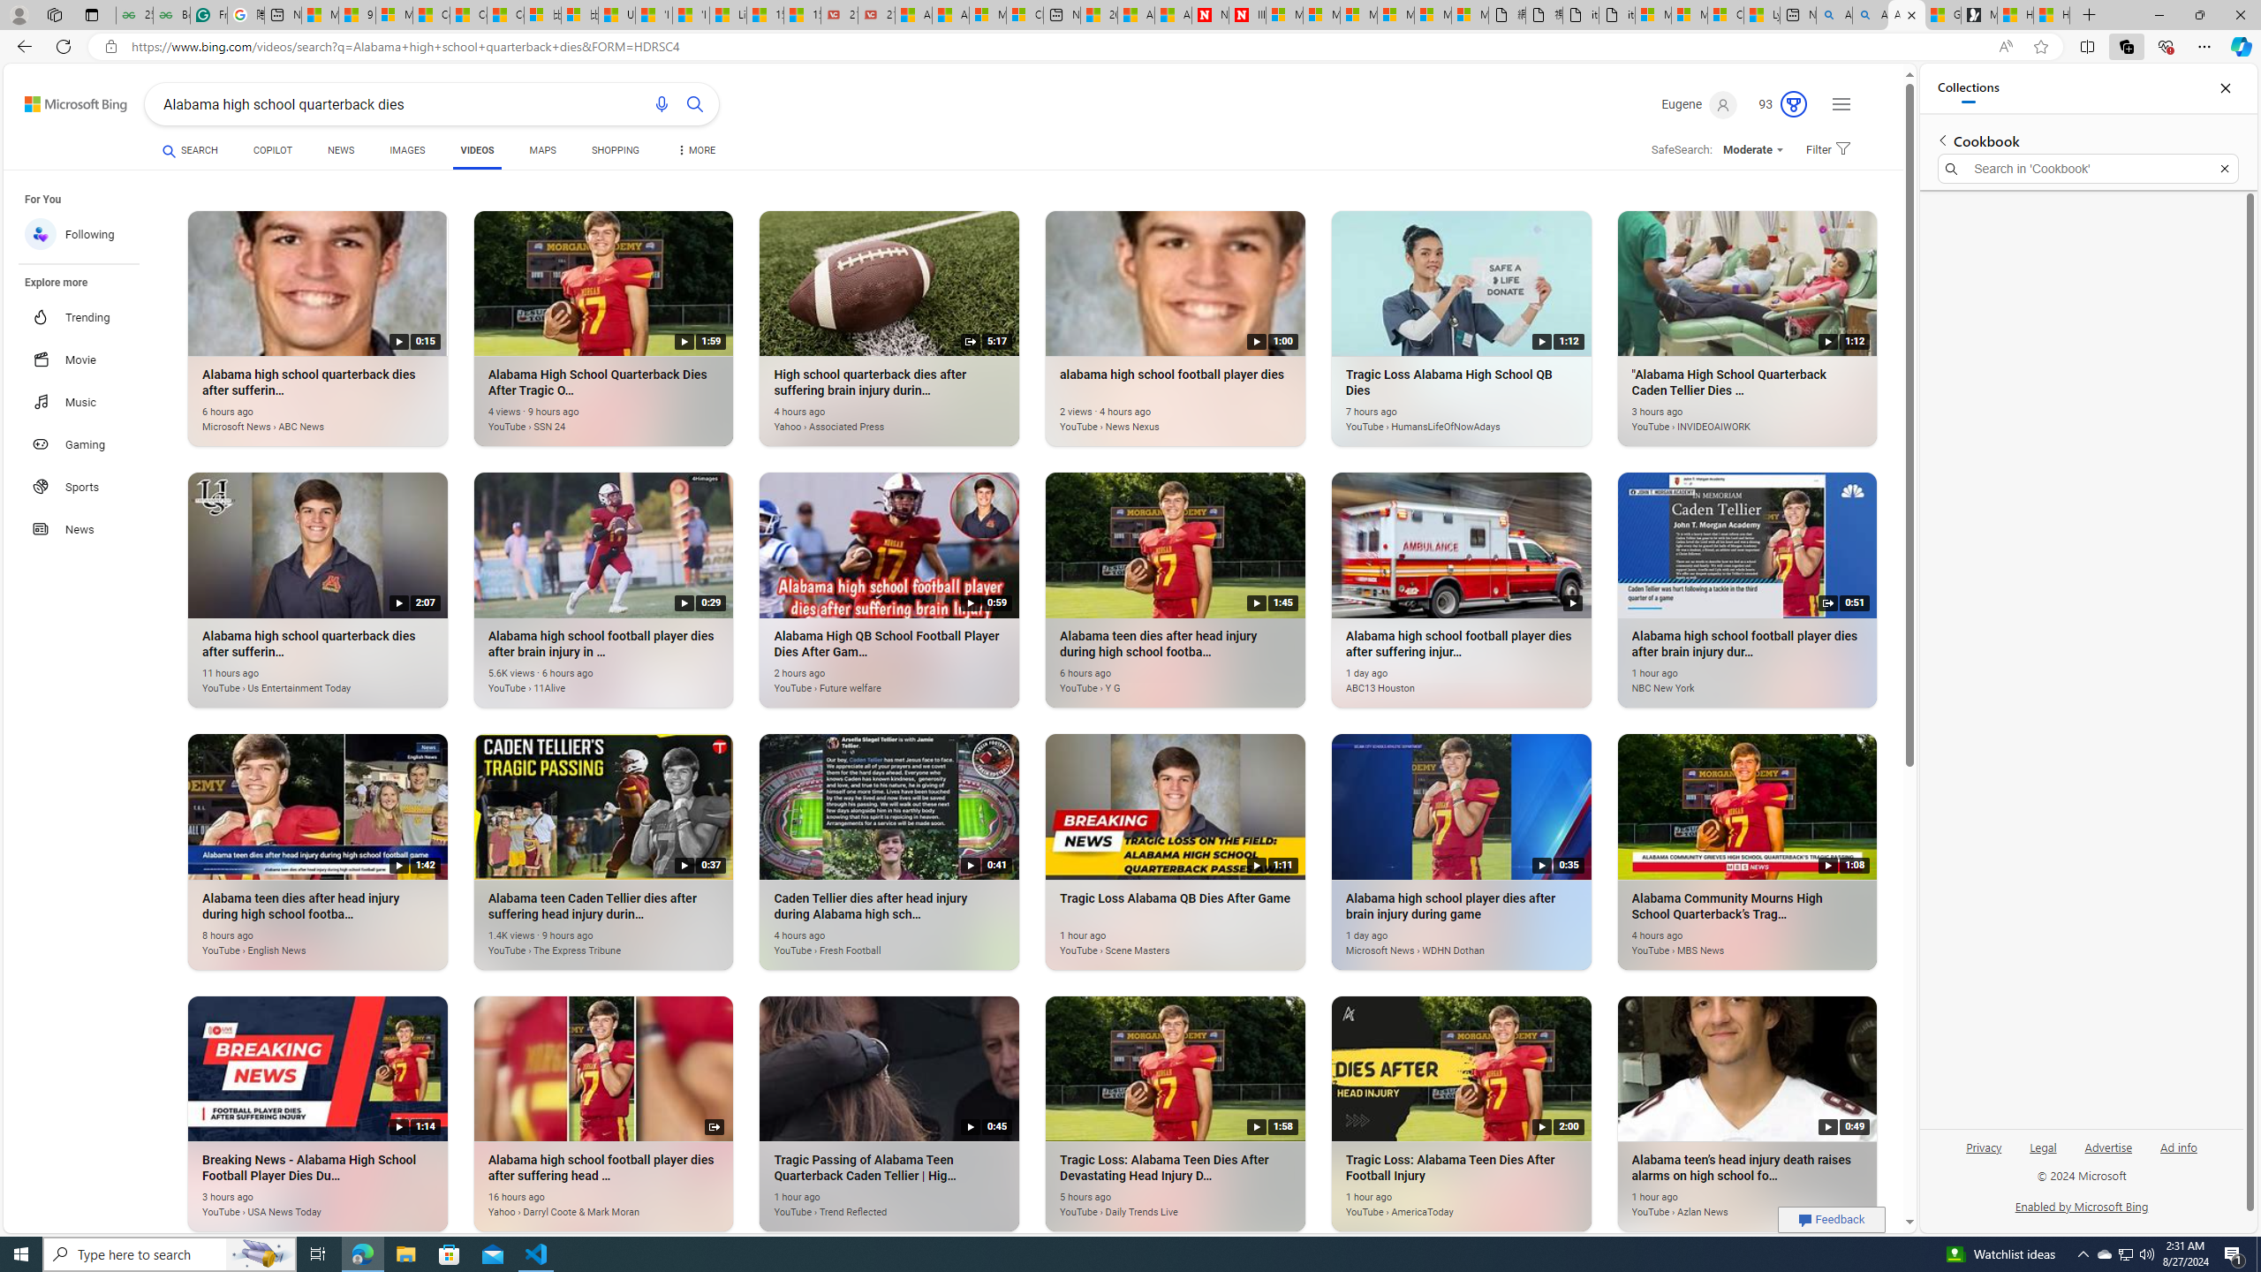 This screenshot has height=1272, width=2261. I want to click on 'COPILOT', so click(271, 149).